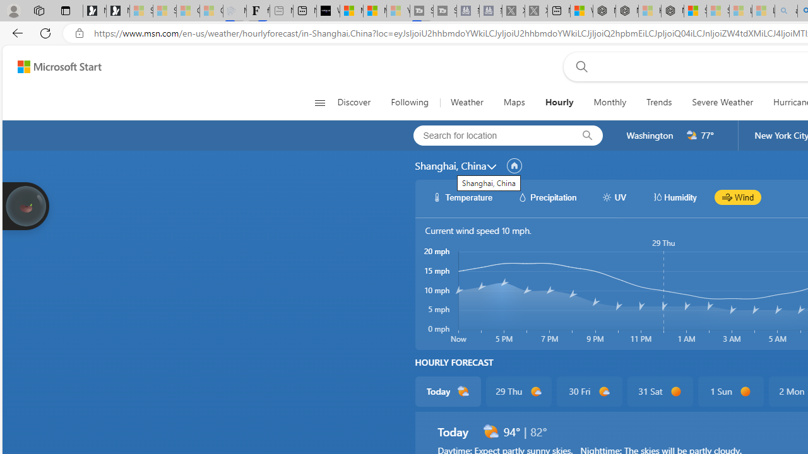  Describe the element at coordinates (547, 197) in the screenshot. I see `'hourlyChart/precipitationWhite Precipitation'` at that location.